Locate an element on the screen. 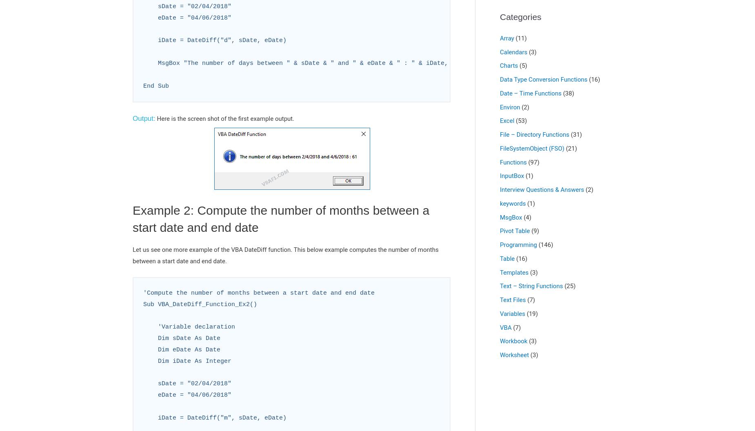 This screenshot has width=755, height=431. '(146)' is located at coordinates (544, 244).